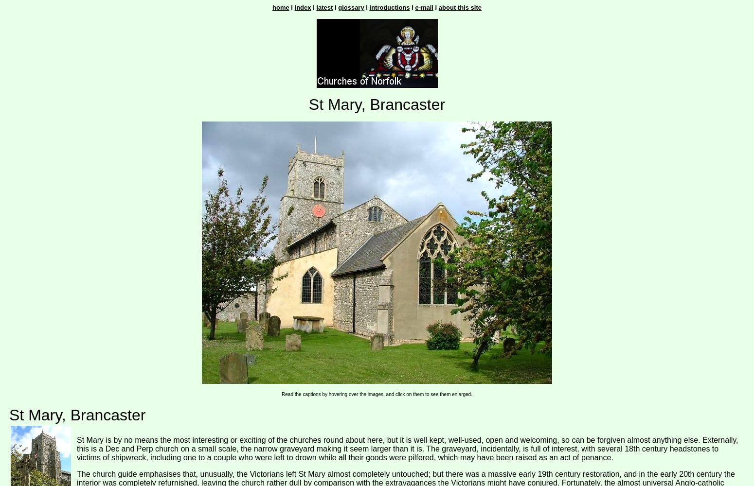  What do you see at coordinates (424, 7) in the screenshot?
I see `'e-mail'` at bounding box center [424, 7].